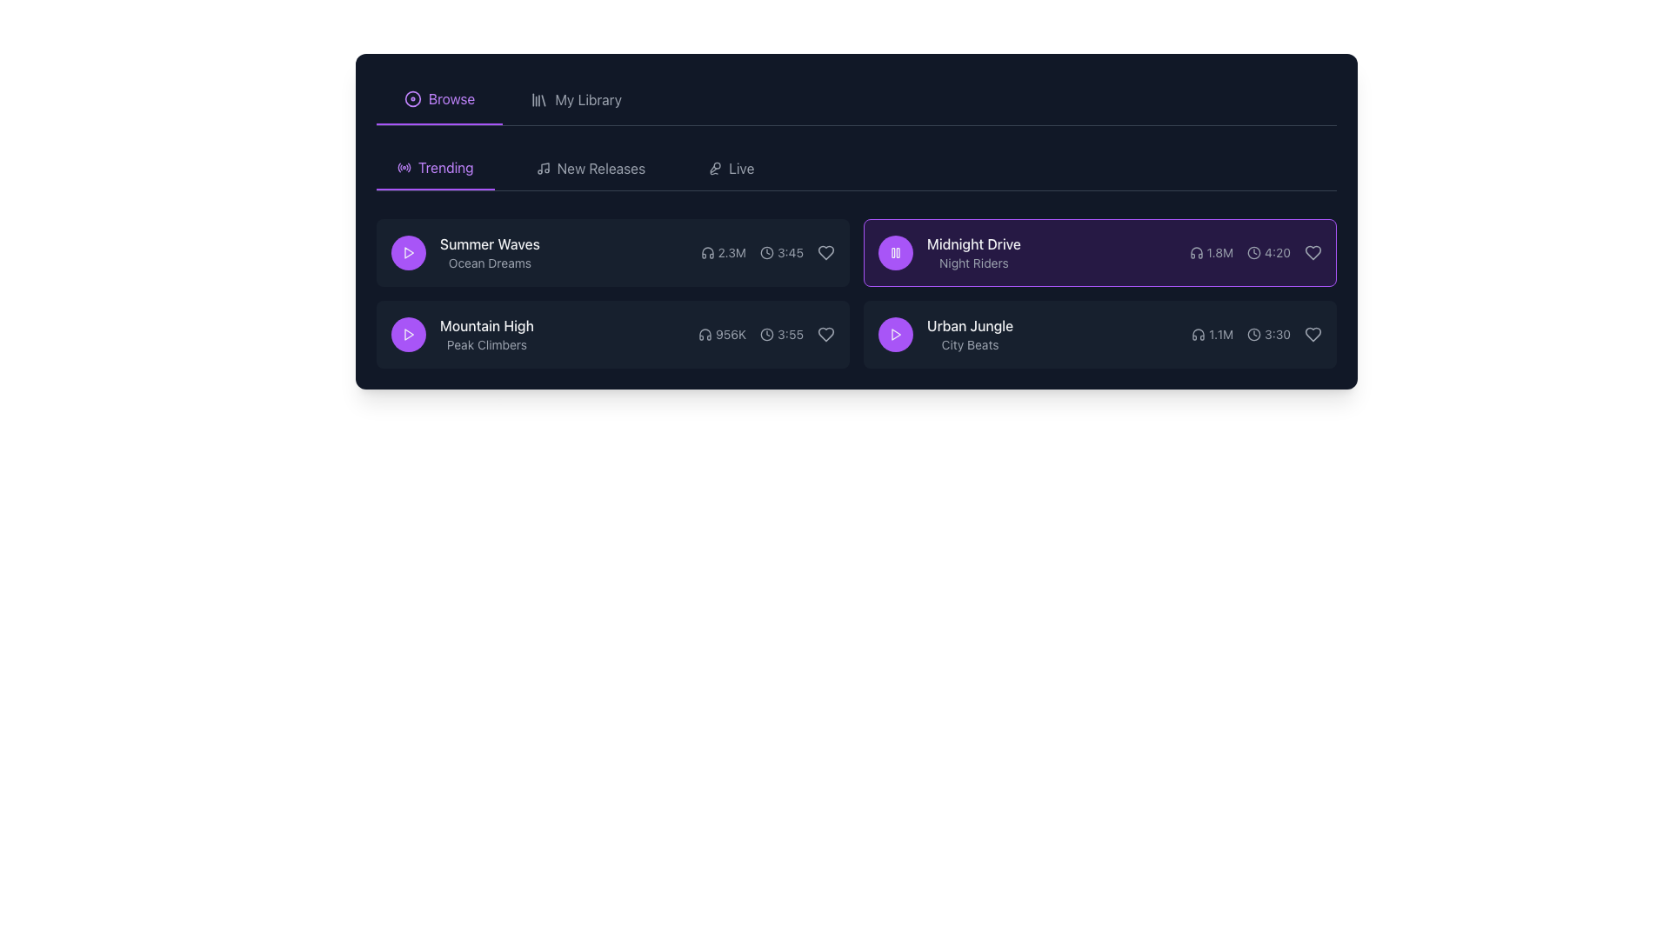 Image resolution: width=1670 pixels, height=939 pixels. Describe the element at coordinates (780, 252) in the screenshot. I see `the text displaying the duration of the song 'Summer Waves', which is located towards the right end of its row, adjacent to the listener count ('2.3M') and slightly separated from the heart icon` at that location.